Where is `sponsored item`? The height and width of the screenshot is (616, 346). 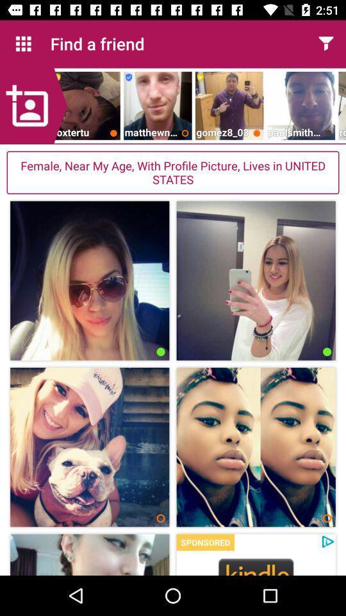
sponsored item is located at coordinates (205, 542).